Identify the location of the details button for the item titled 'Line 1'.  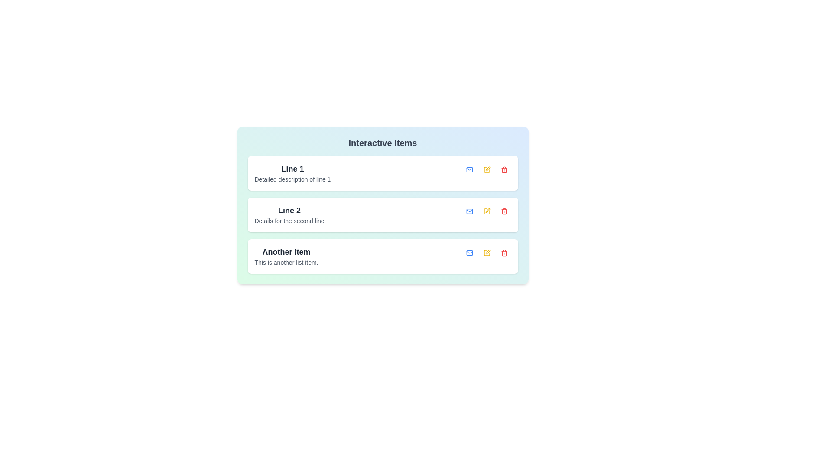
(469, 170).